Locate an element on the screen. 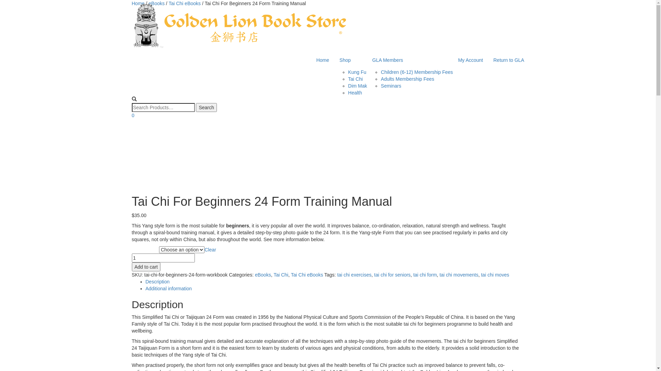 This screenshot has width=661, height=371. 'Clear' is located at coordinates (210, 249).